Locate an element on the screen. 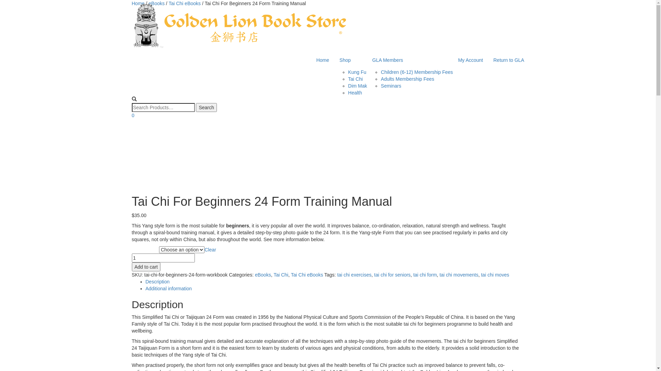 This screenshot has width=661, height=371. 'Clear' is located at coordinates (210, 249).